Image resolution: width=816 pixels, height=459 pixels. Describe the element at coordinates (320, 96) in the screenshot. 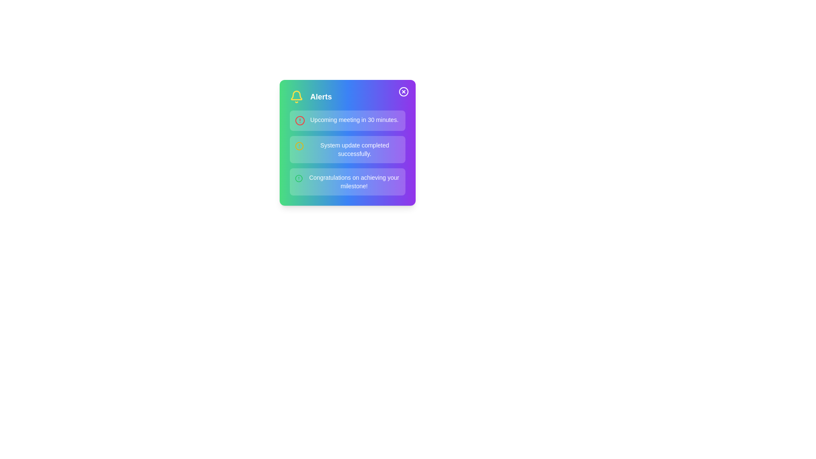

I see `text of the label that serves as the heading or title of the notification section, located centrally in the top portion of the notification card, aligned to the right of a bell icon` at that location.